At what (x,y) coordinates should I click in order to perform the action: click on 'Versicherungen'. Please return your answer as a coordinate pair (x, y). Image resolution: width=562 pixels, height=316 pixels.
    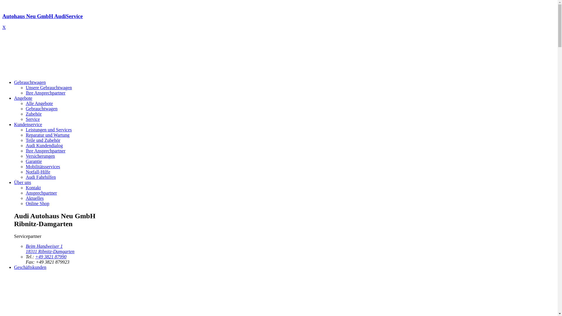
    Looking at the image, I should click on (40, 156).